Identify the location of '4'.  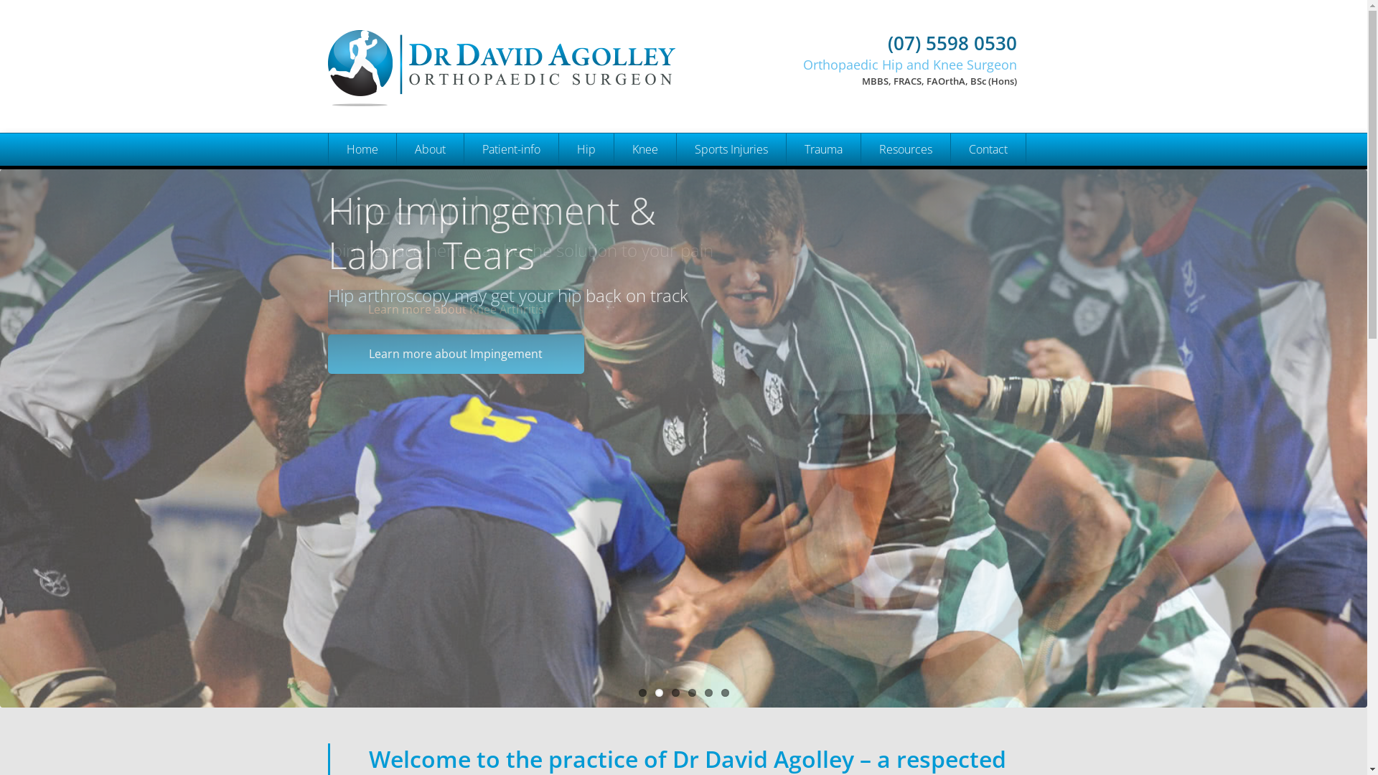
(691, 692).